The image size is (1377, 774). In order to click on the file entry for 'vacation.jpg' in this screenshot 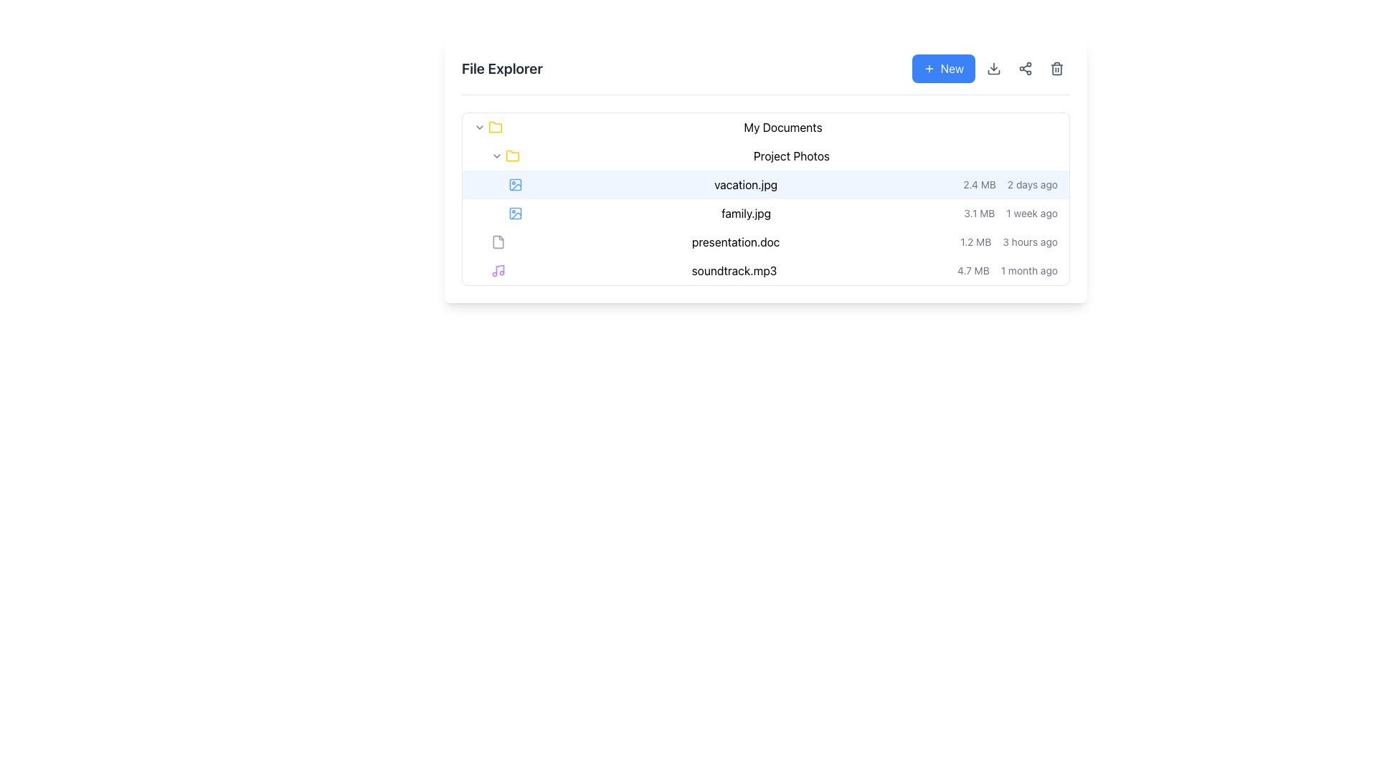, I will do `click(765, 184)`.